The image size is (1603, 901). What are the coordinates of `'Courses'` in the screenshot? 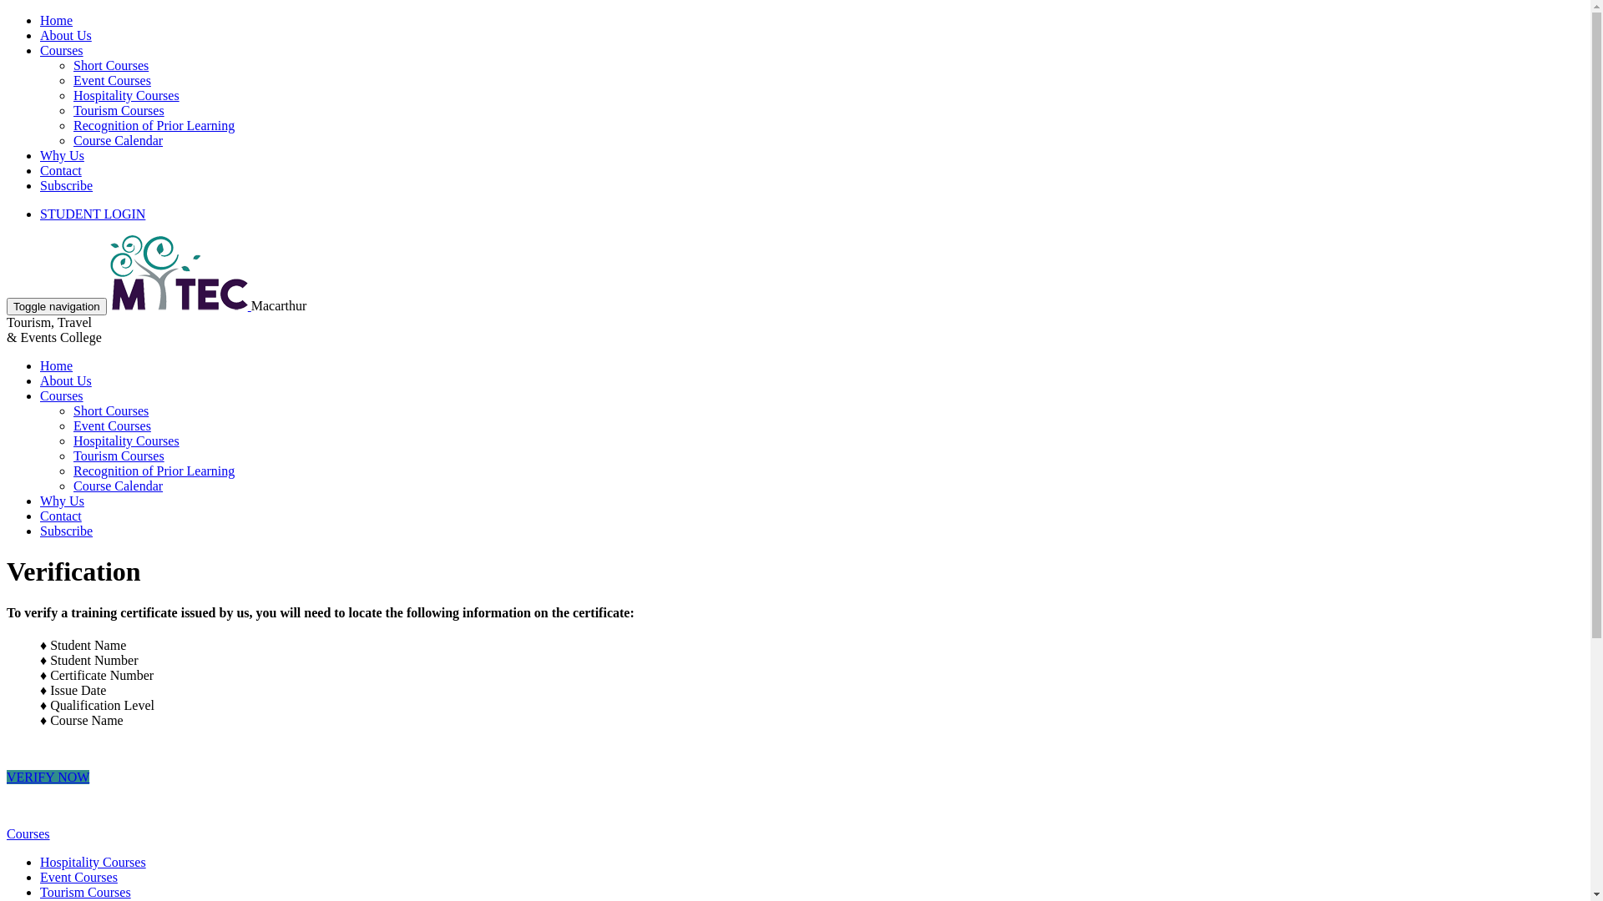 It's located at (7, 833).